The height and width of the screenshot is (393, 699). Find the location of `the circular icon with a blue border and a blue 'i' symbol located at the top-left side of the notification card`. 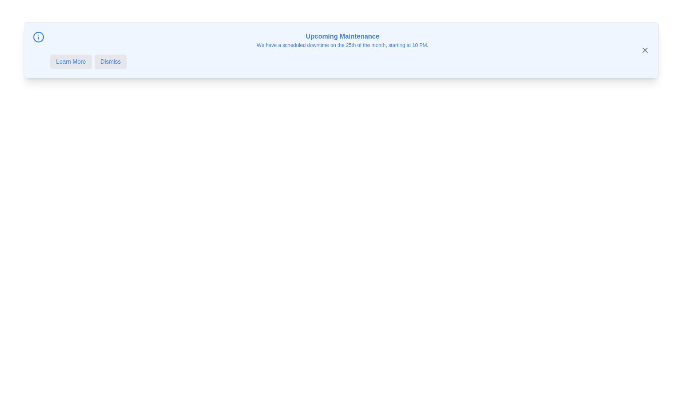

the circular icon with a blue border and a blue 'i' symbol located at the top-left side of the notification card is located at coordinates (38, 37).